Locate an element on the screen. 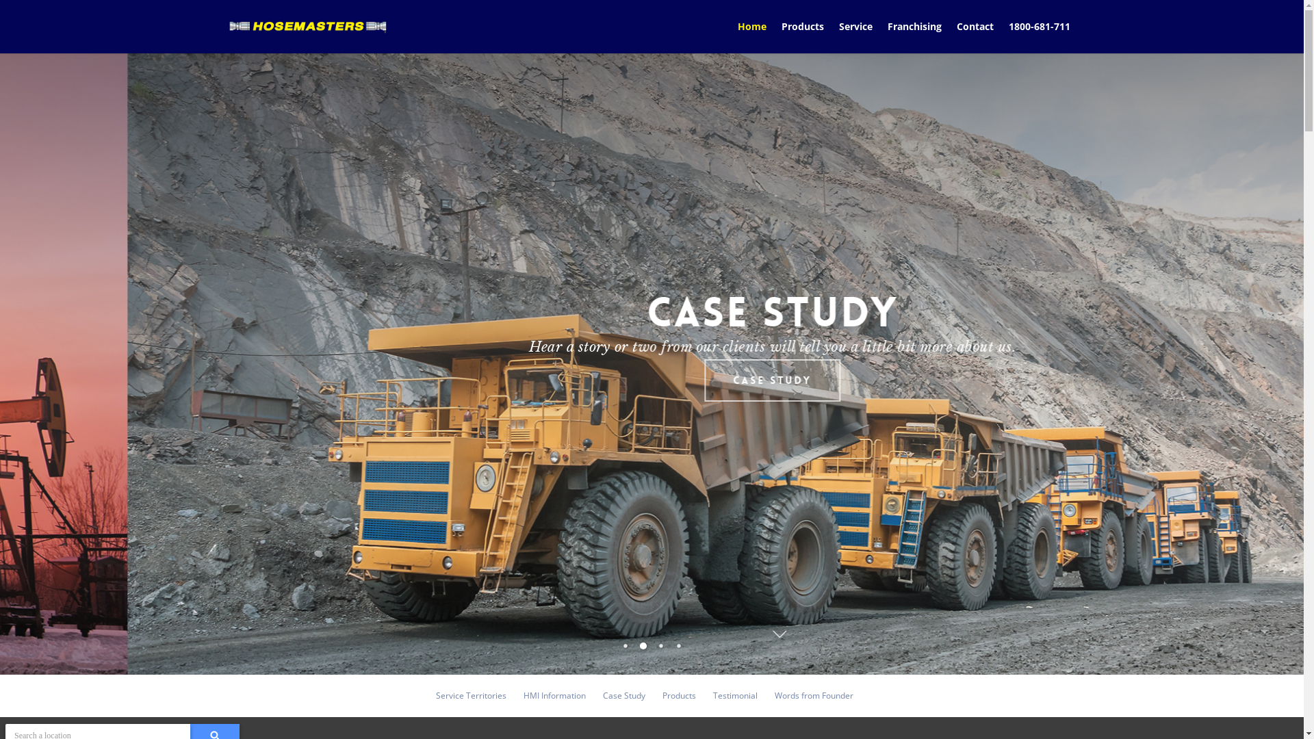  'HMI Information' is located at coordinates (554, 696).